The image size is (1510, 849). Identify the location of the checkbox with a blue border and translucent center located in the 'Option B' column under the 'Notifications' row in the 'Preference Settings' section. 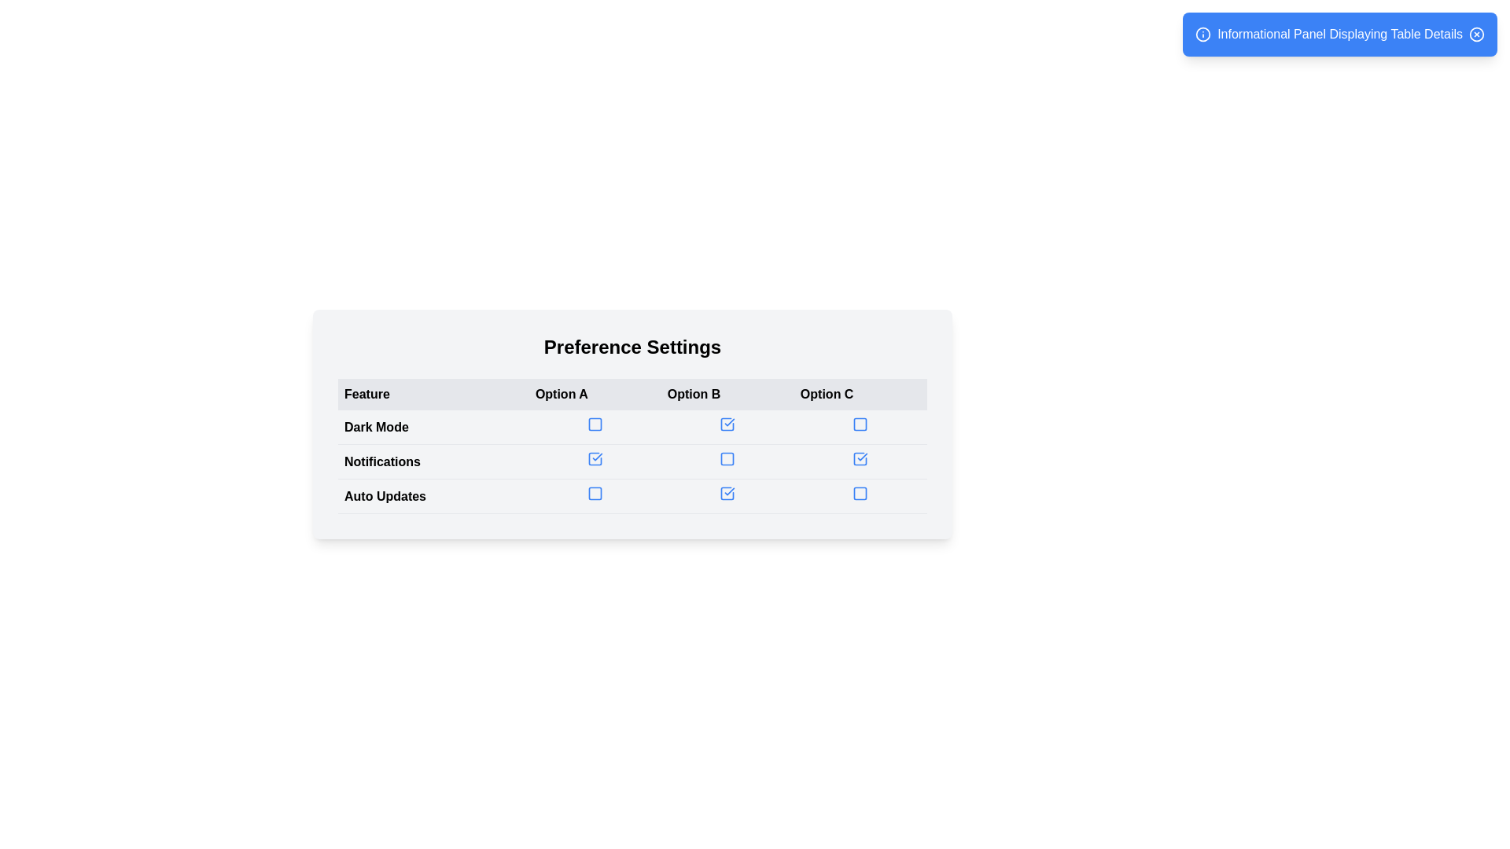
(727, 458).